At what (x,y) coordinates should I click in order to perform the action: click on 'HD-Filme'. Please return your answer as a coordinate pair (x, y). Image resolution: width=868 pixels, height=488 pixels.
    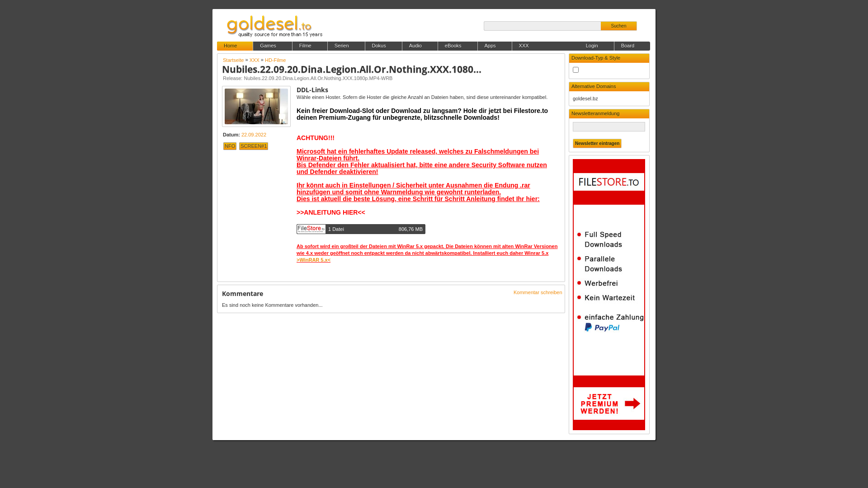
    Looking at the image, I should click on (275, 60).